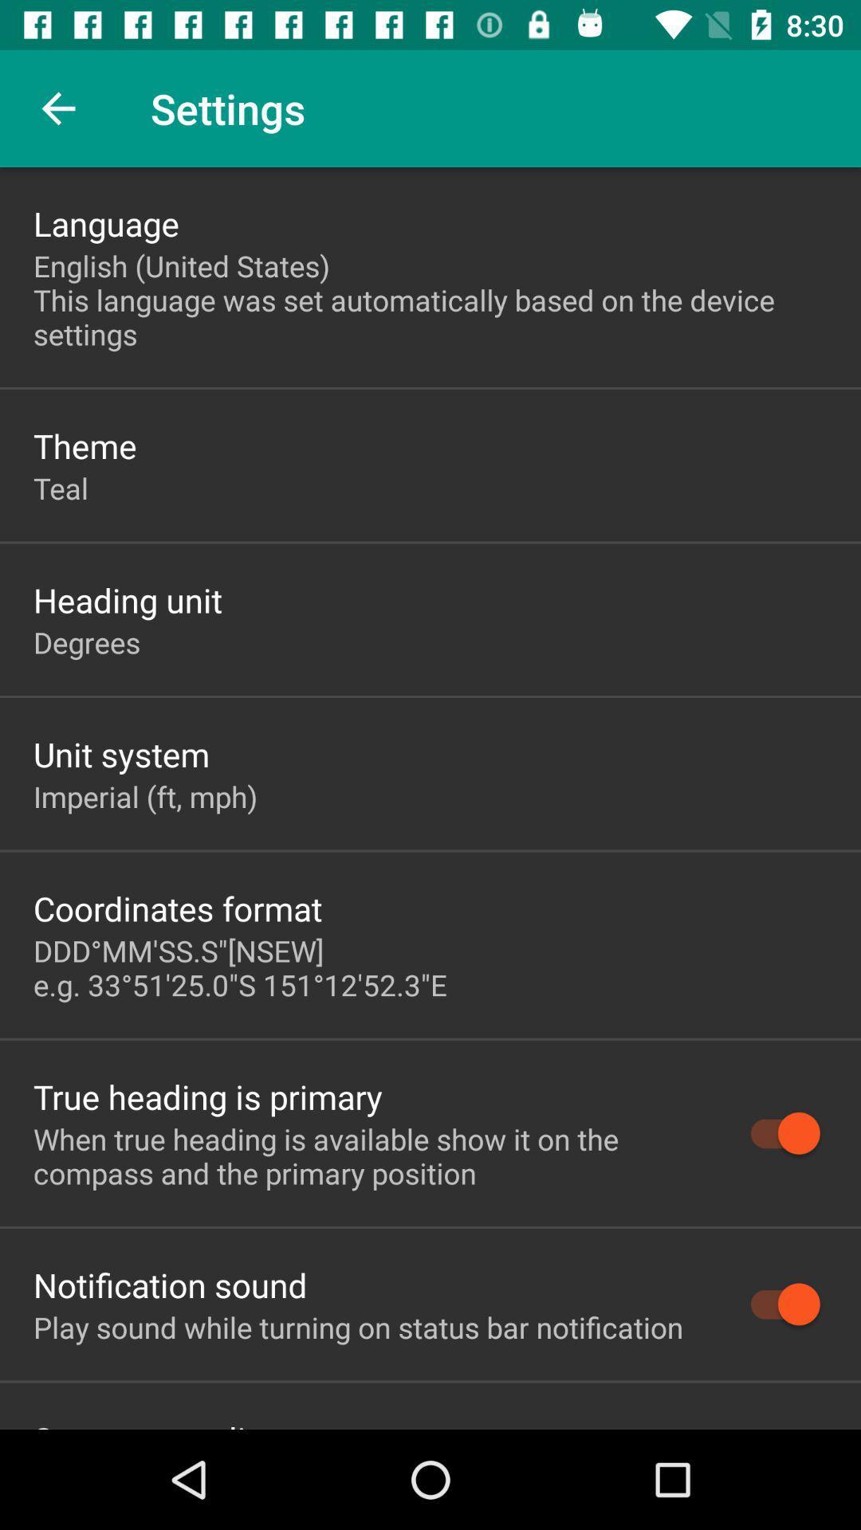 The width and height of the screenshot is (861, 1530). What do you see at coordinates (57, 108) in the screenshot?
I see `item to the left of the settings icon` at bounding box center [57, 108].